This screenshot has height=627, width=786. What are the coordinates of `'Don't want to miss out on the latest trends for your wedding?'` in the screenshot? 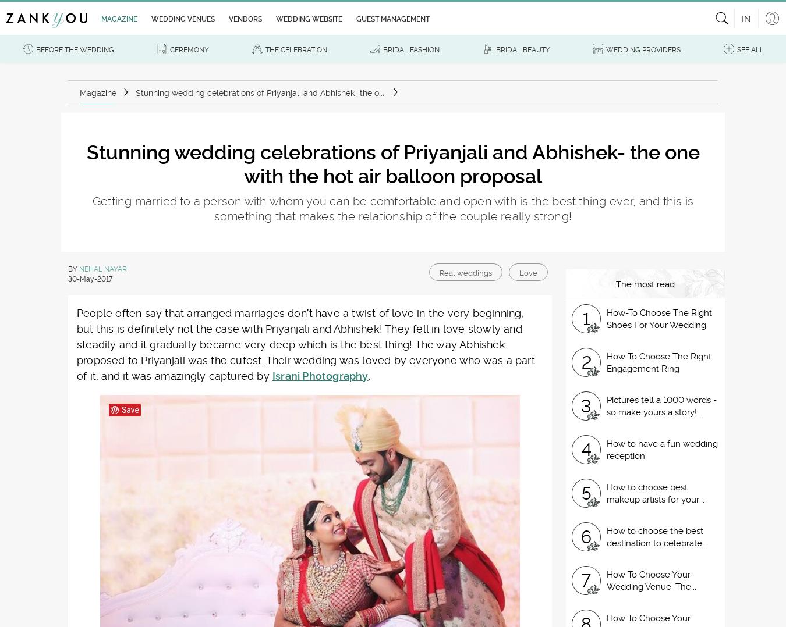 It's located at (309, 50).